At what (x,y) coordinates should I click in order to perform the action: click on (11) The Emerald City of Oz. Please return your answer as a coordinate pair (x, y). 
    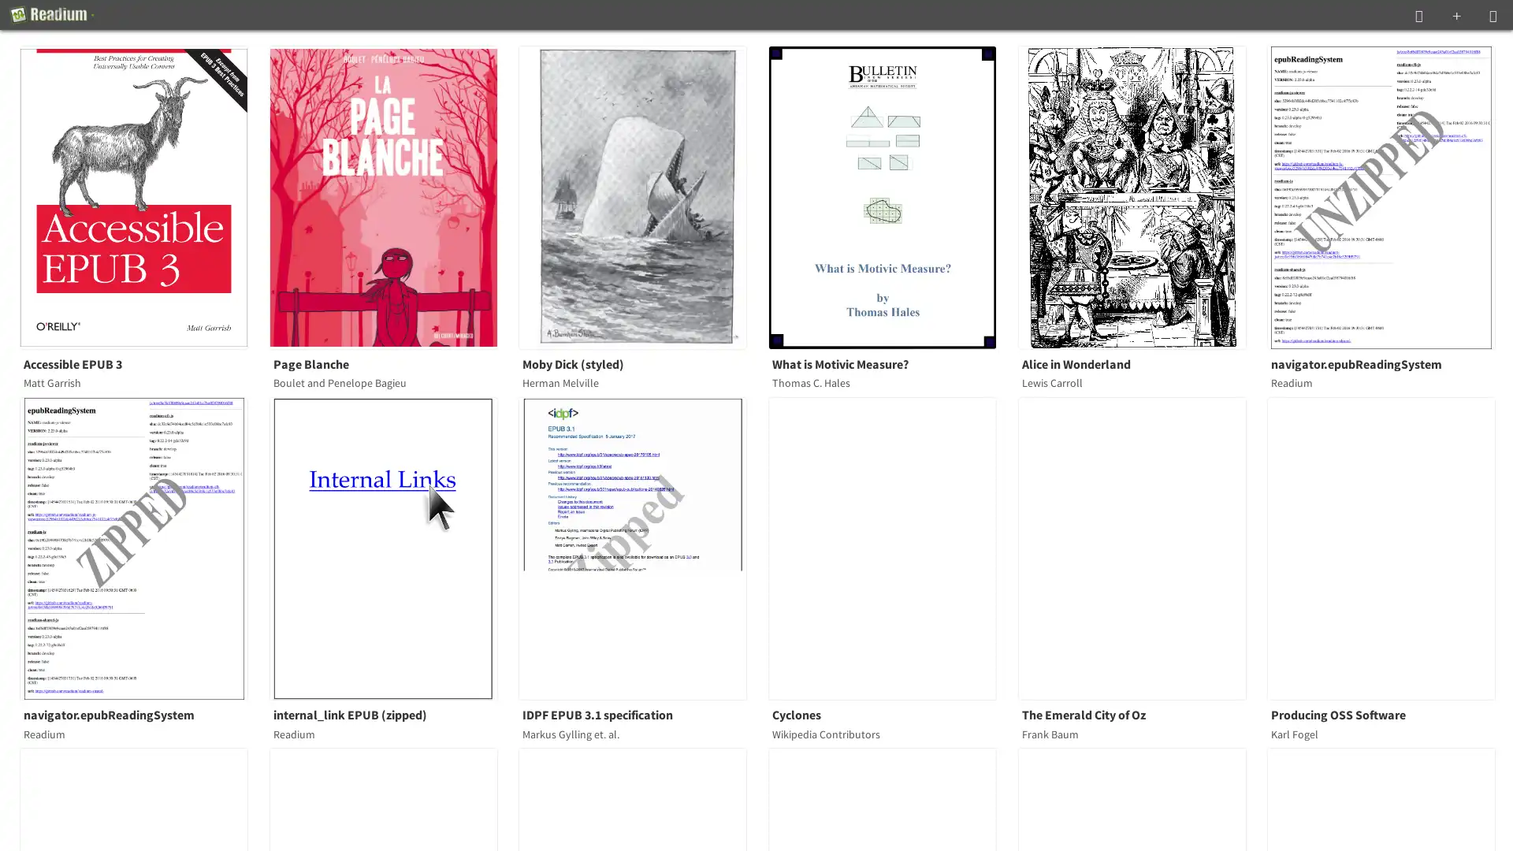
    Looking at the image, I should click on (1141, 547).